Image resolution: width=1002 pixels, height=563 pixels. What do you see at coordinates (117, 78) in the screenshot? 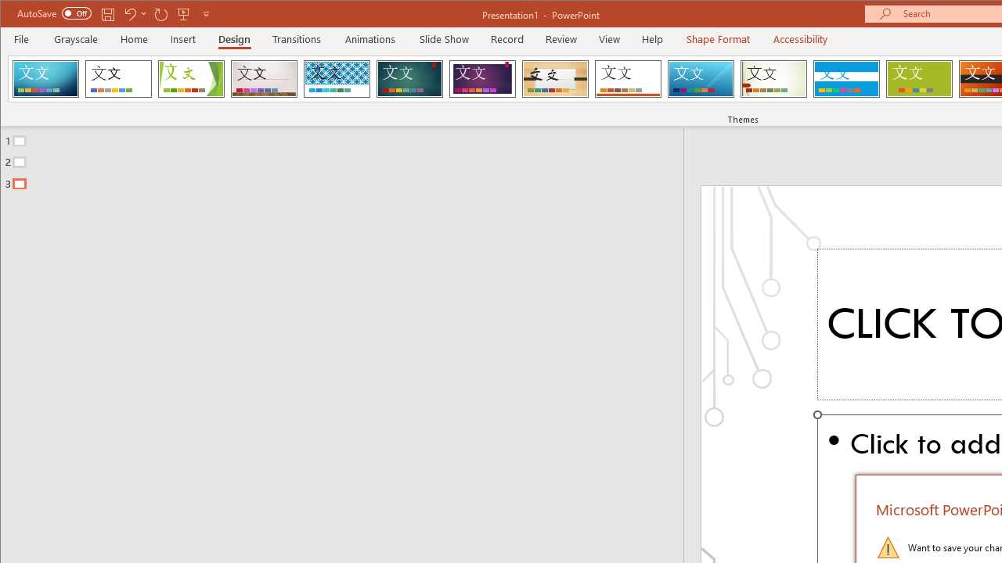
I see `'Office Theme'` at bounding box center [117, 78].